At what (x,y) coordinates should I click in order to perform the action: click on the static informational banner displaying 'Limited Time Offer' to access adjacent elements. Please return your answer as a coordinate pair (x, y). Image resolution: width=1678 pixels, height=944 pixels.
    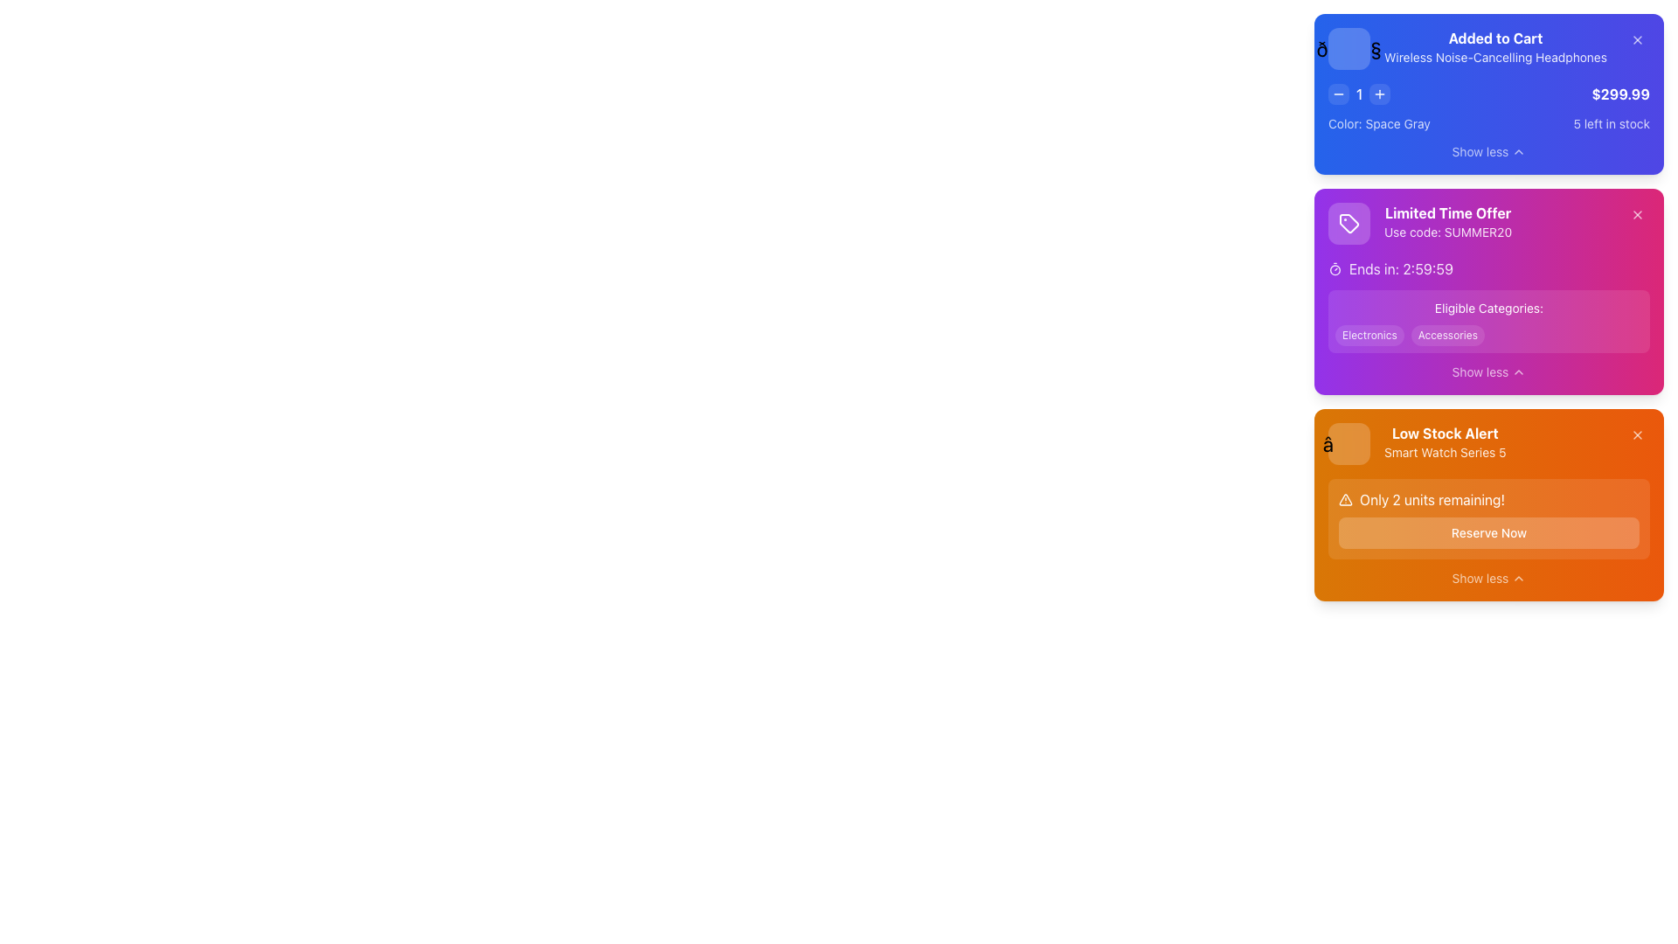
    Looking at the image, I should click on (1488, 222).